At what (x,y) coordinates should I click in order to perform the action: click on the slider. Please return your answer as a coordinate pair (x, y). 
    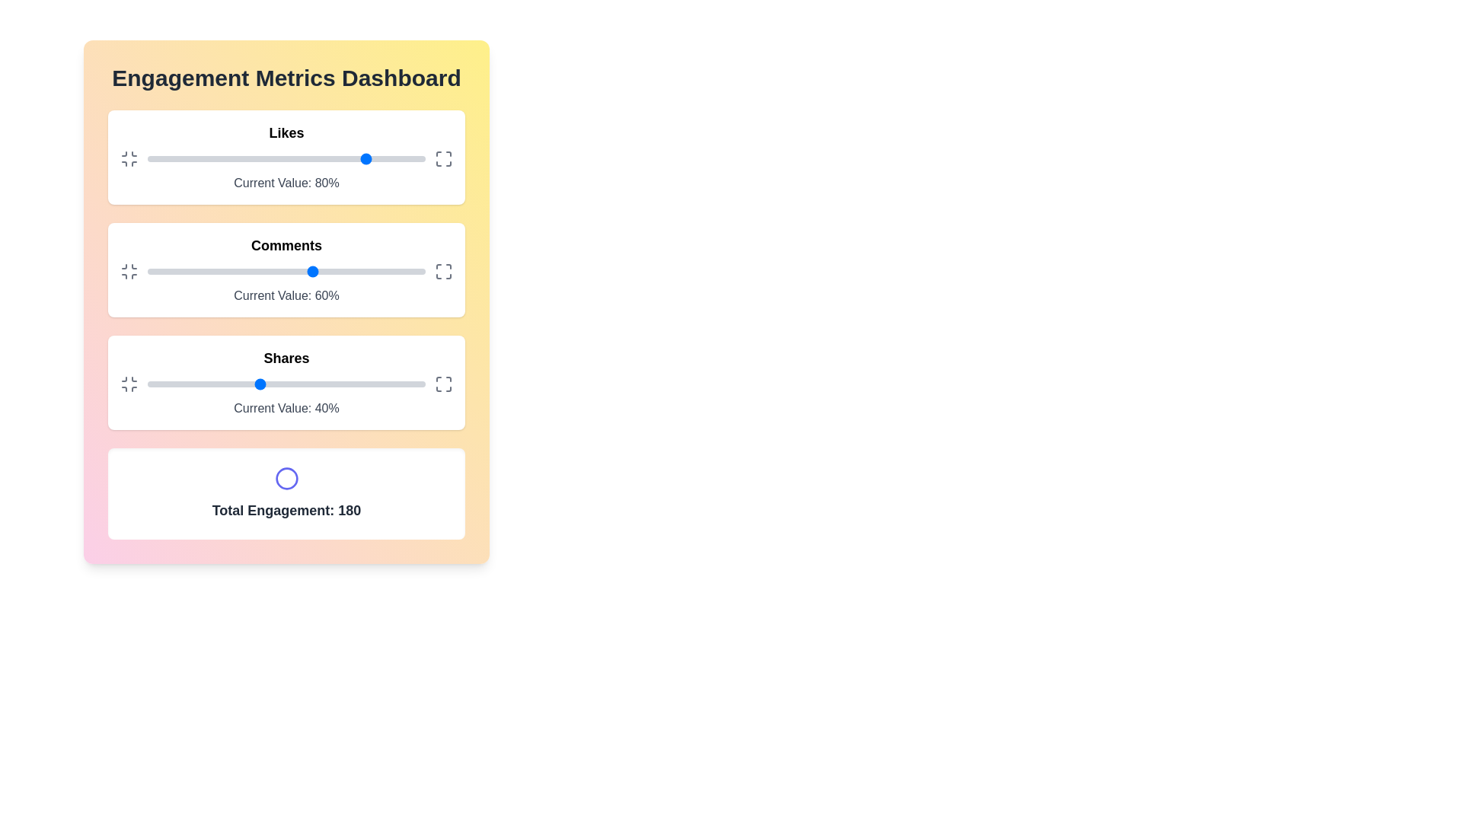
    Looking at the image, I should click on (244, 158).